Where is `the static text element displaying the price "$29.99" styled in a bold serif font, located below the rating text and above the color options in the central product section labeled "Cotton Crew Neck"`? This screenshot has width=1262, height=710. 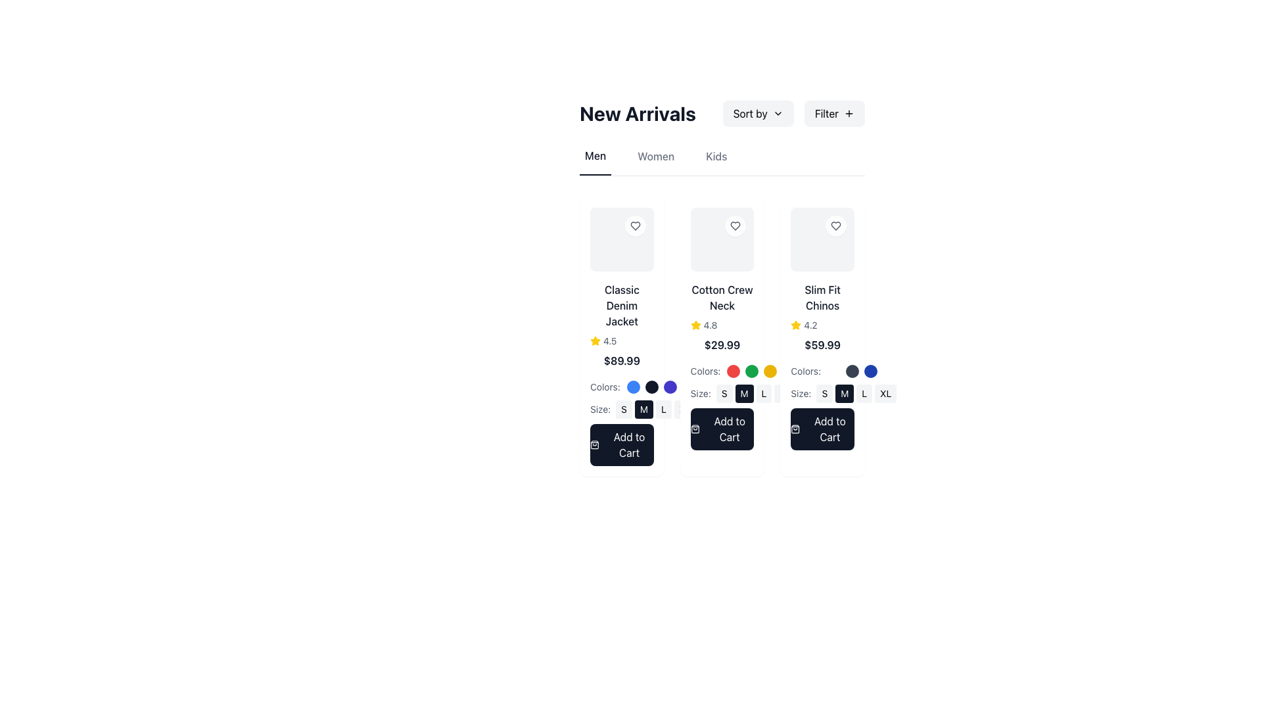 the static text element displaying the price "$29.99" styled in a bold serif font, located below the rating text and above the color options in the central product section labeled "Cotton Crew Neck" is located at coordinates (722, 344).